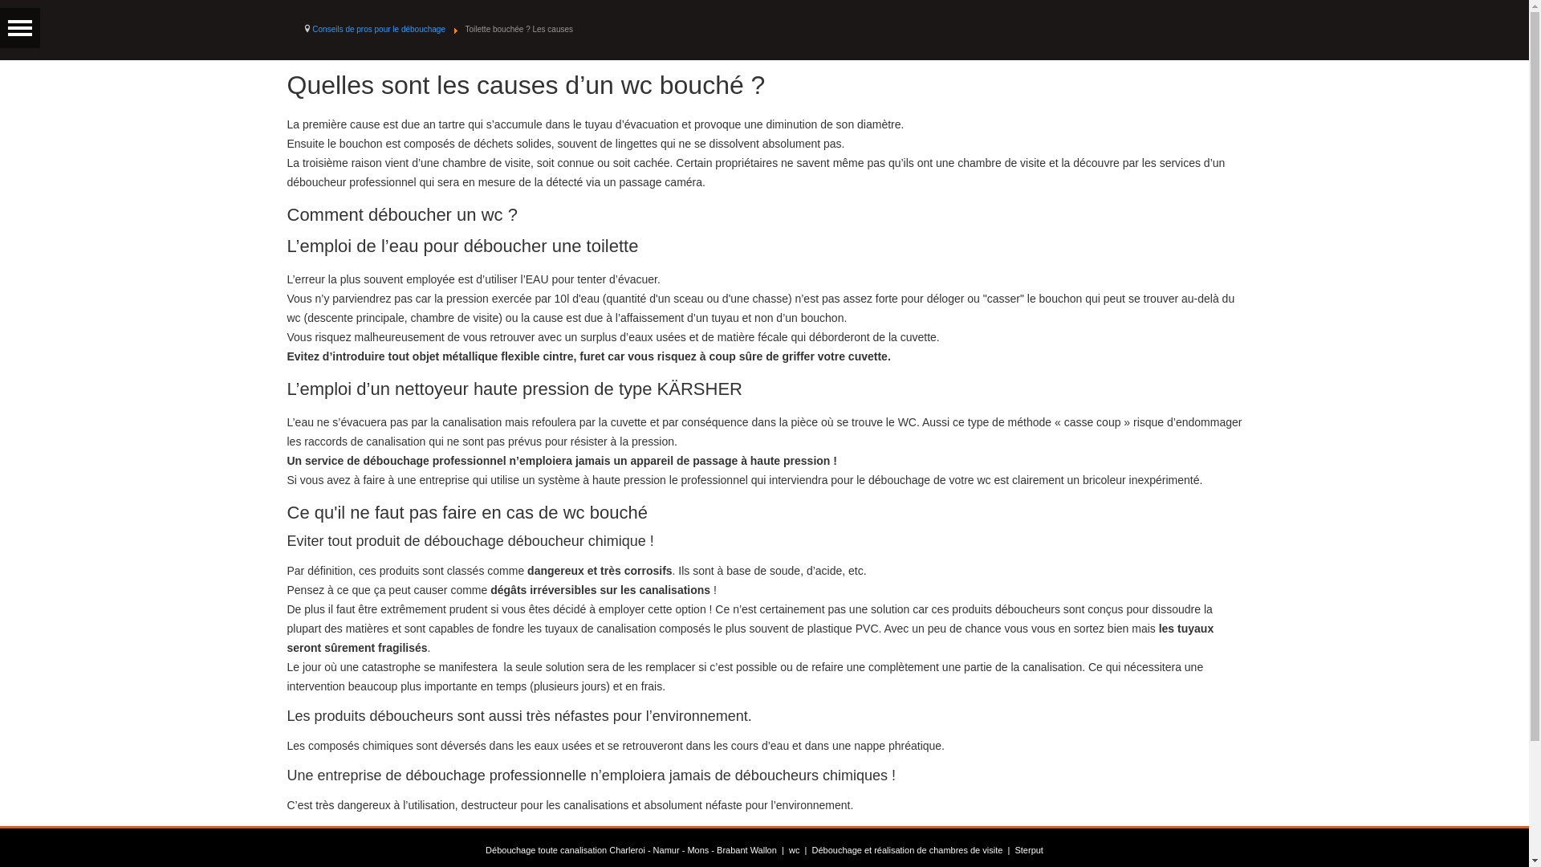 The image size is (1541, 867). I want to click on 'Sterput', so click(1013, 849).